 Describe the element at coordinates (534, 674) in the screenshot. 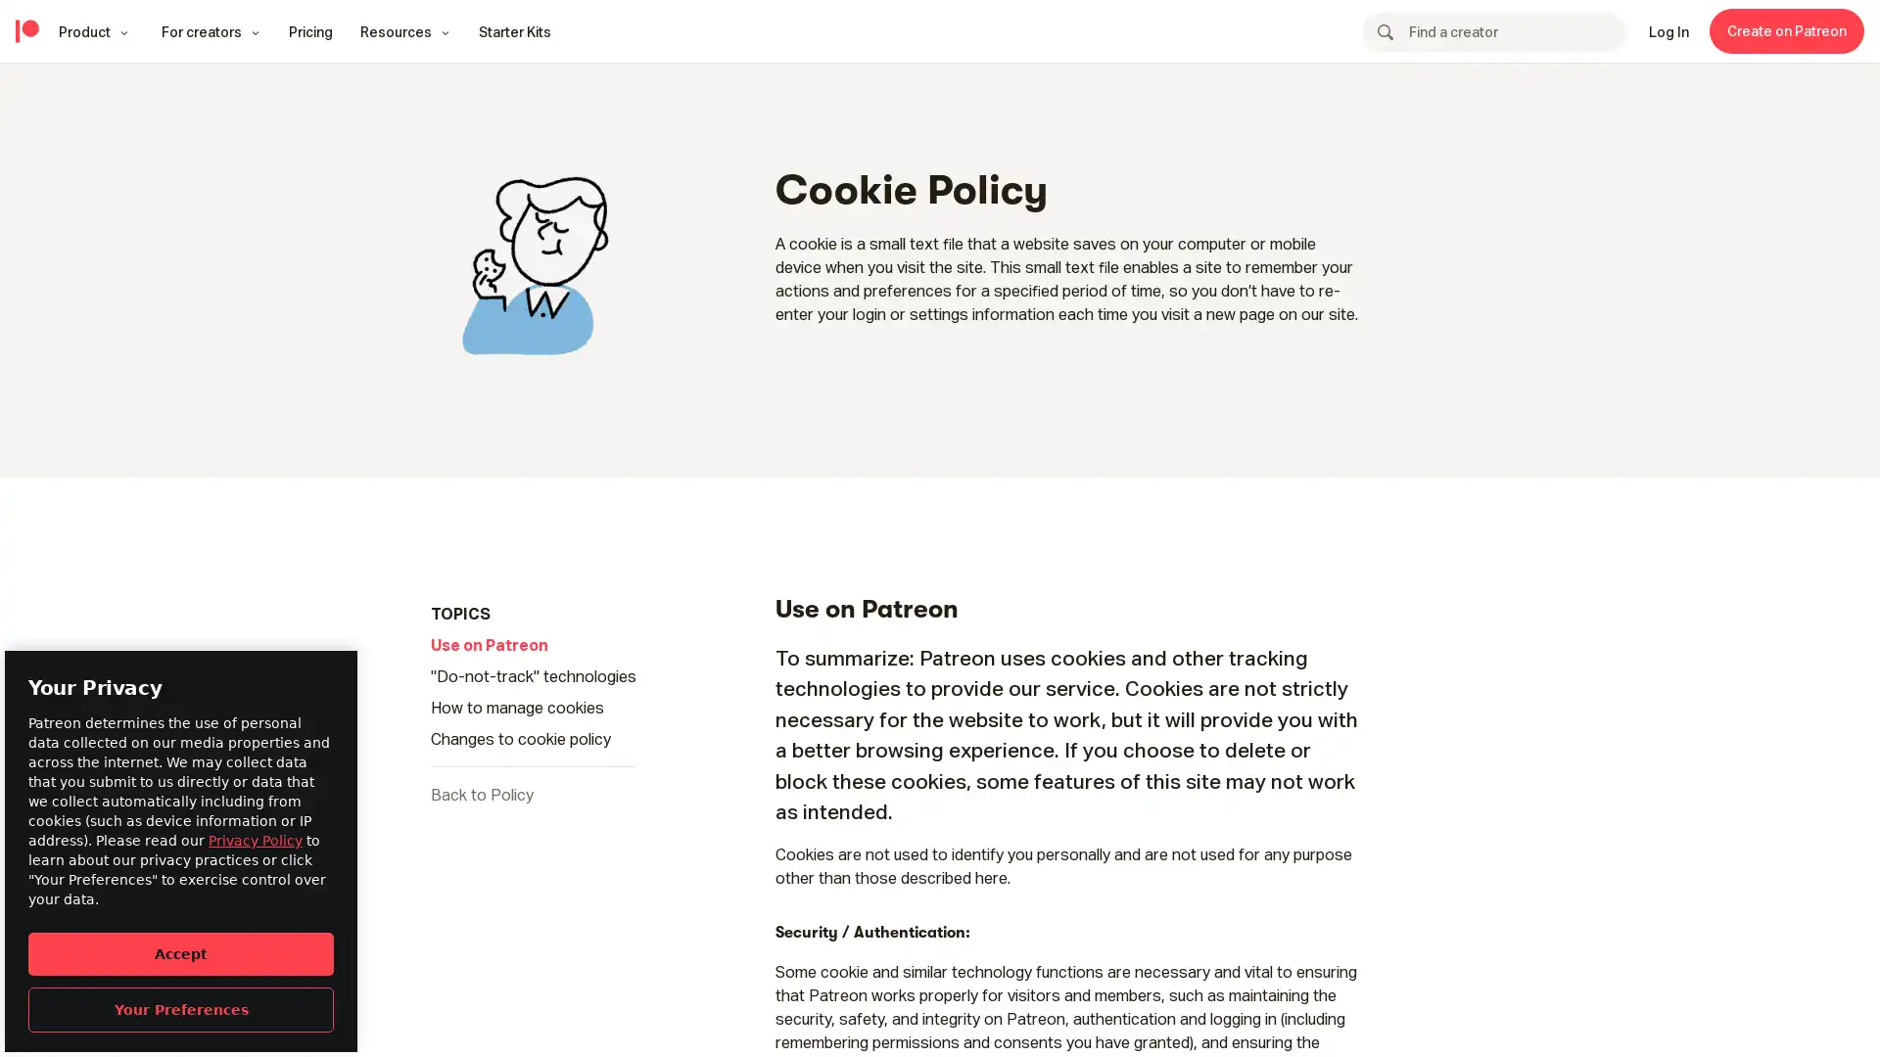

I see `"Do-not-track" technologies` at that location.